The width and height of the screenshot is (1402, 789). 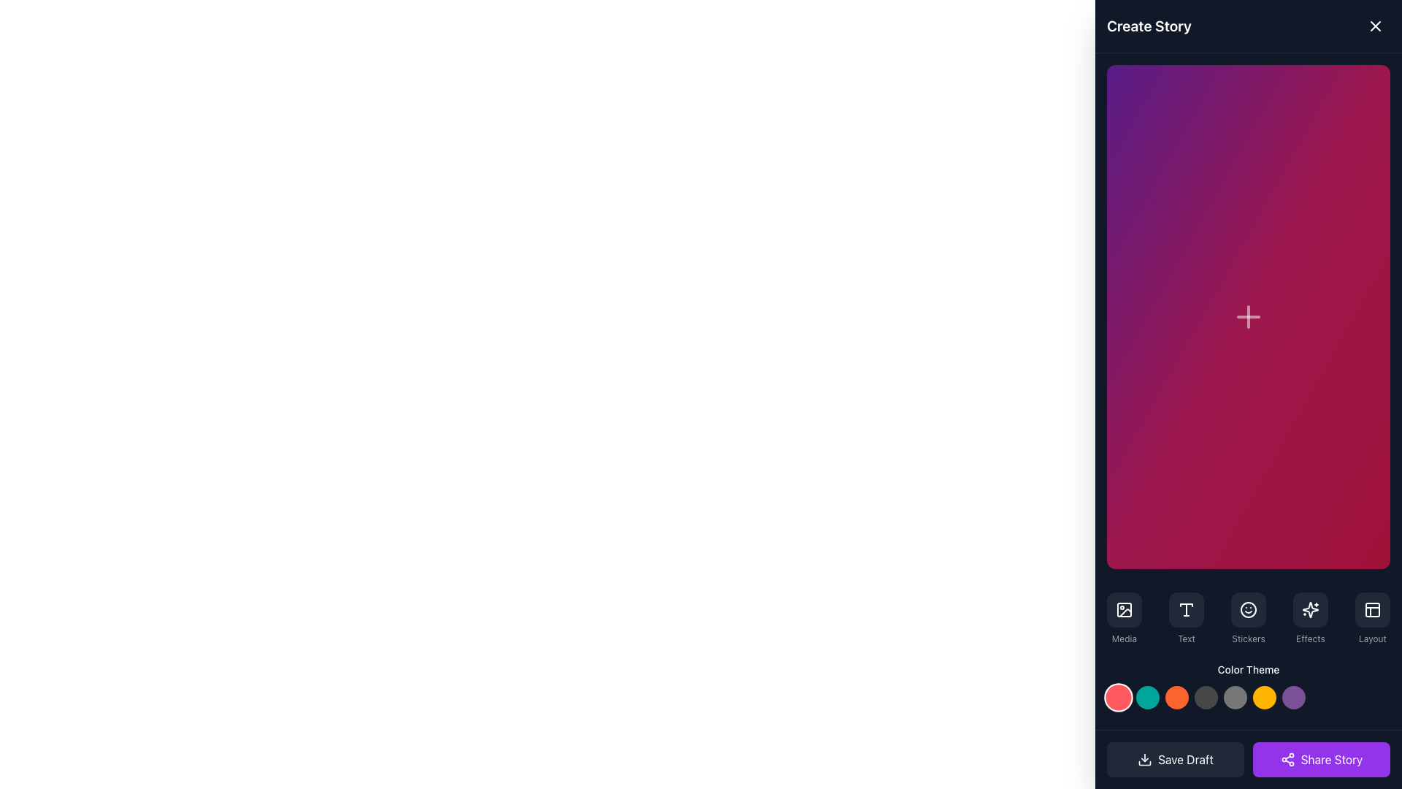 I want to click on the 'Layout' button in the bottom right corner of the interface, so click(x=1372, y=617).